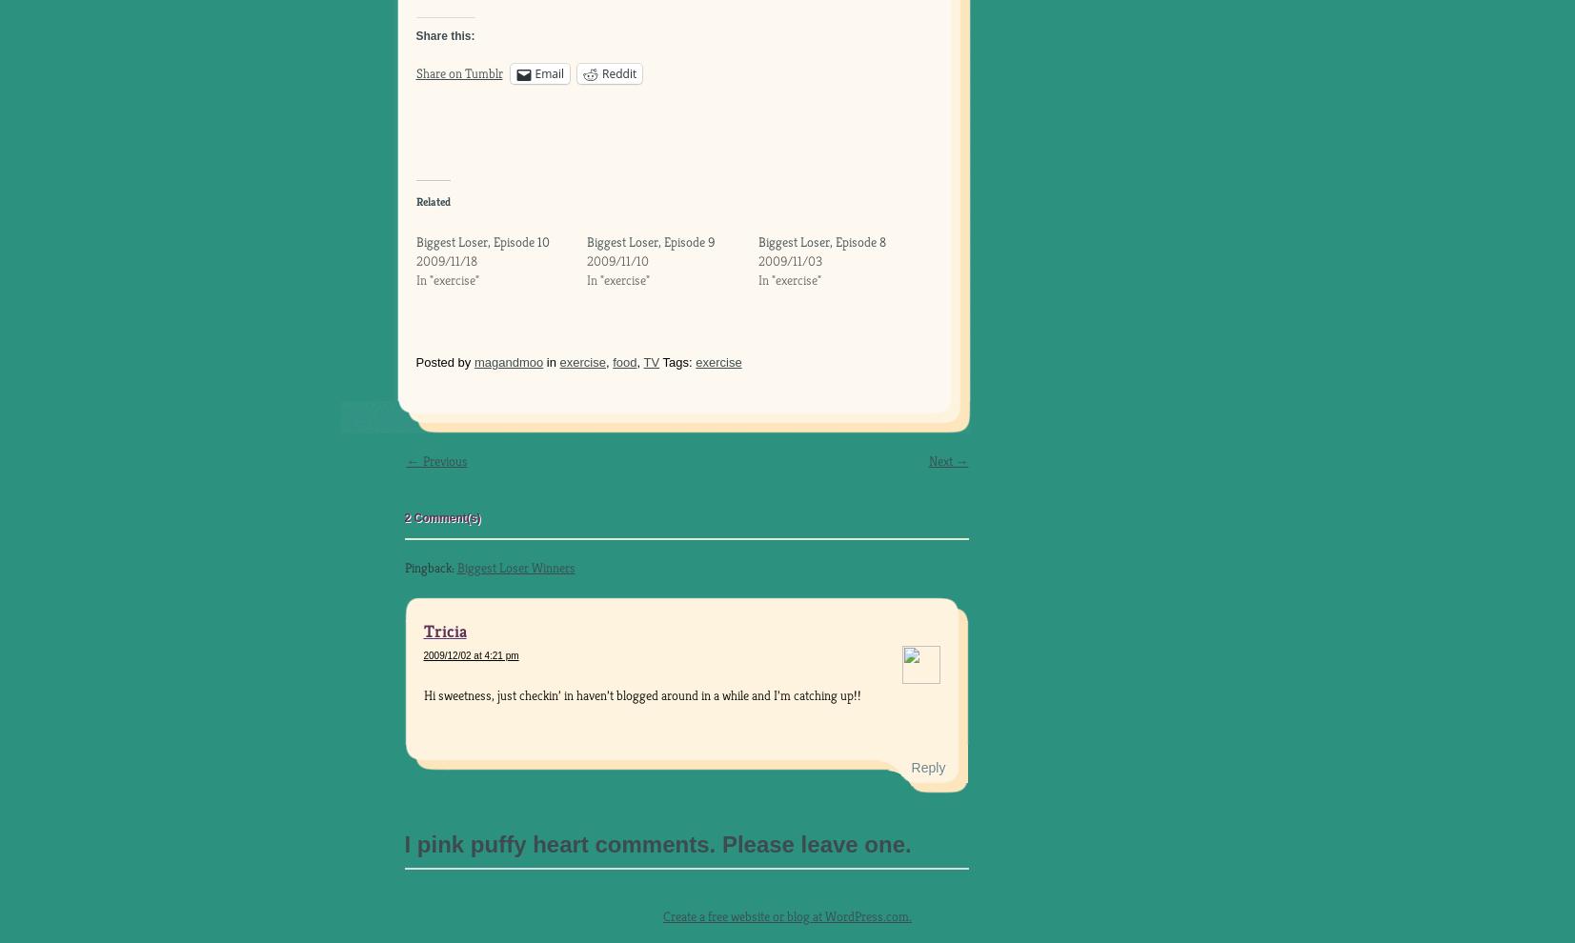 The image size is (1575, 943). I want to click on 'Pingback:', so click(429, 566).